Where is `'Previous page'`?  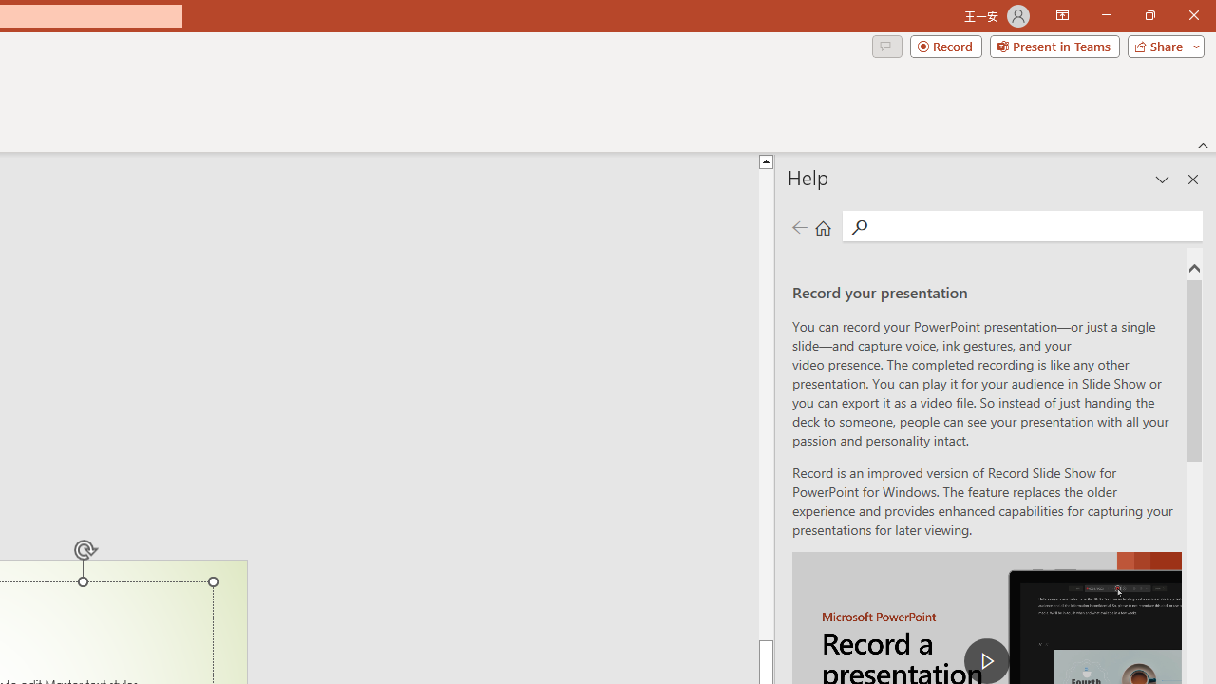 'Previous page' is located at coordinates (799, 226).